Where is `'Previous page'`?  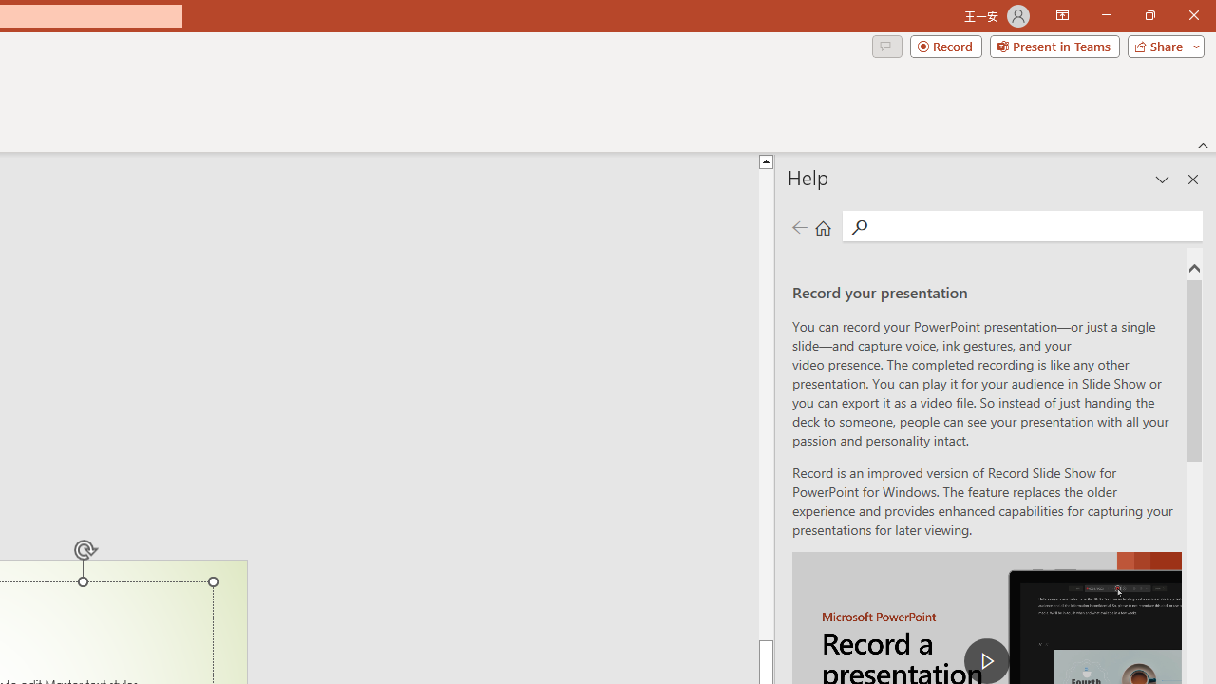 'Previous page' is located at coordinates (799, 226).